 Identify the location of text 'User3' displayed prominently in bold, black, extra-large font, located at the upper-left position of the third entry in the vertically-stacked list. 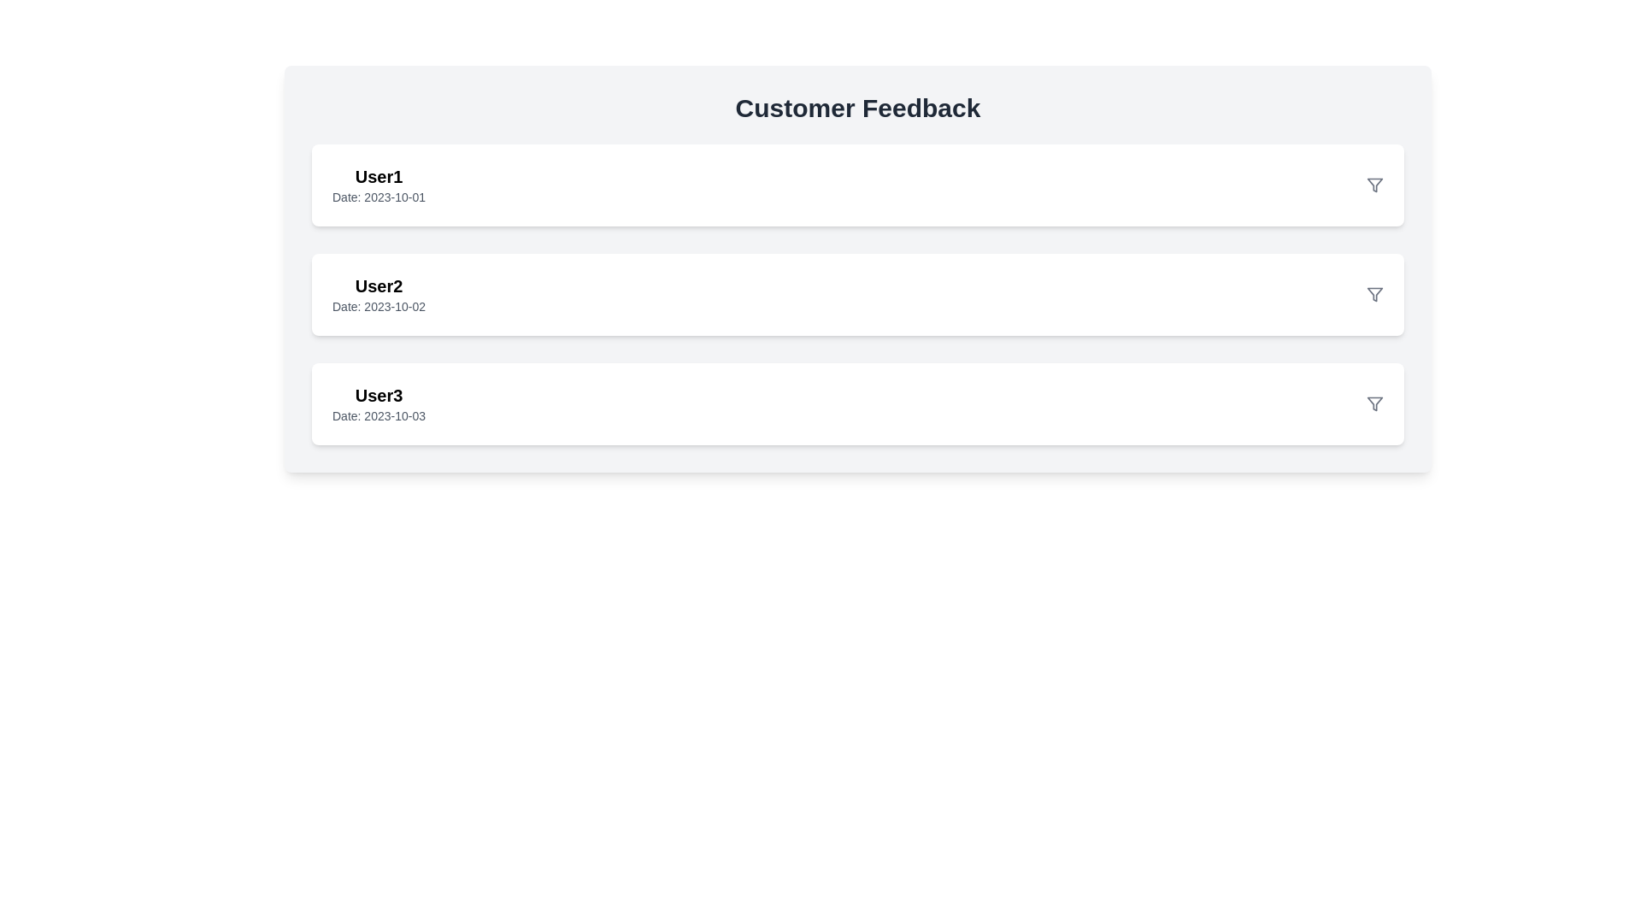
(378, 395).